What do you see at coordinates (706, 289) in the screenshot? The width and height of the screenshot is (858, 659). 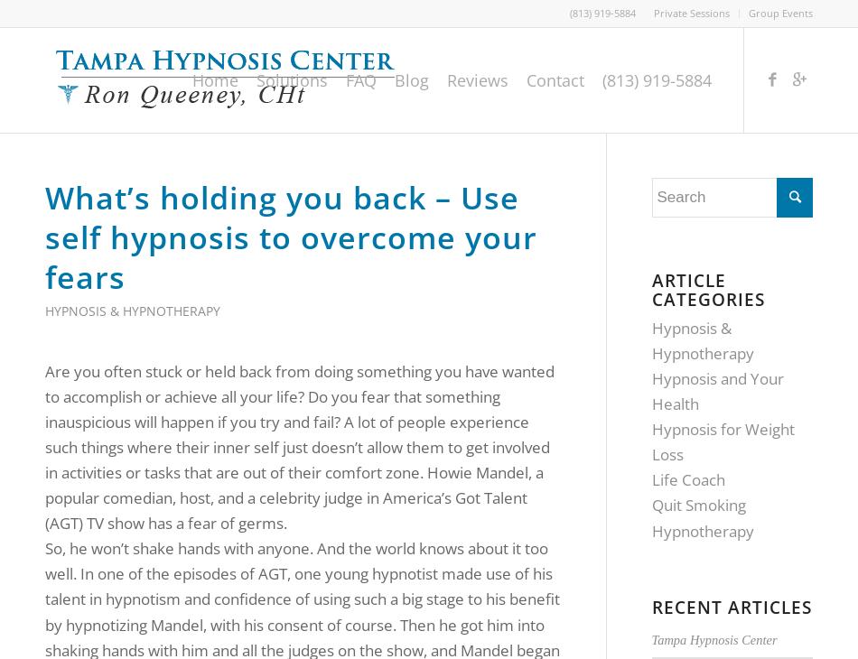 I see `'Article Categories'` at bounding box center [706, 289].